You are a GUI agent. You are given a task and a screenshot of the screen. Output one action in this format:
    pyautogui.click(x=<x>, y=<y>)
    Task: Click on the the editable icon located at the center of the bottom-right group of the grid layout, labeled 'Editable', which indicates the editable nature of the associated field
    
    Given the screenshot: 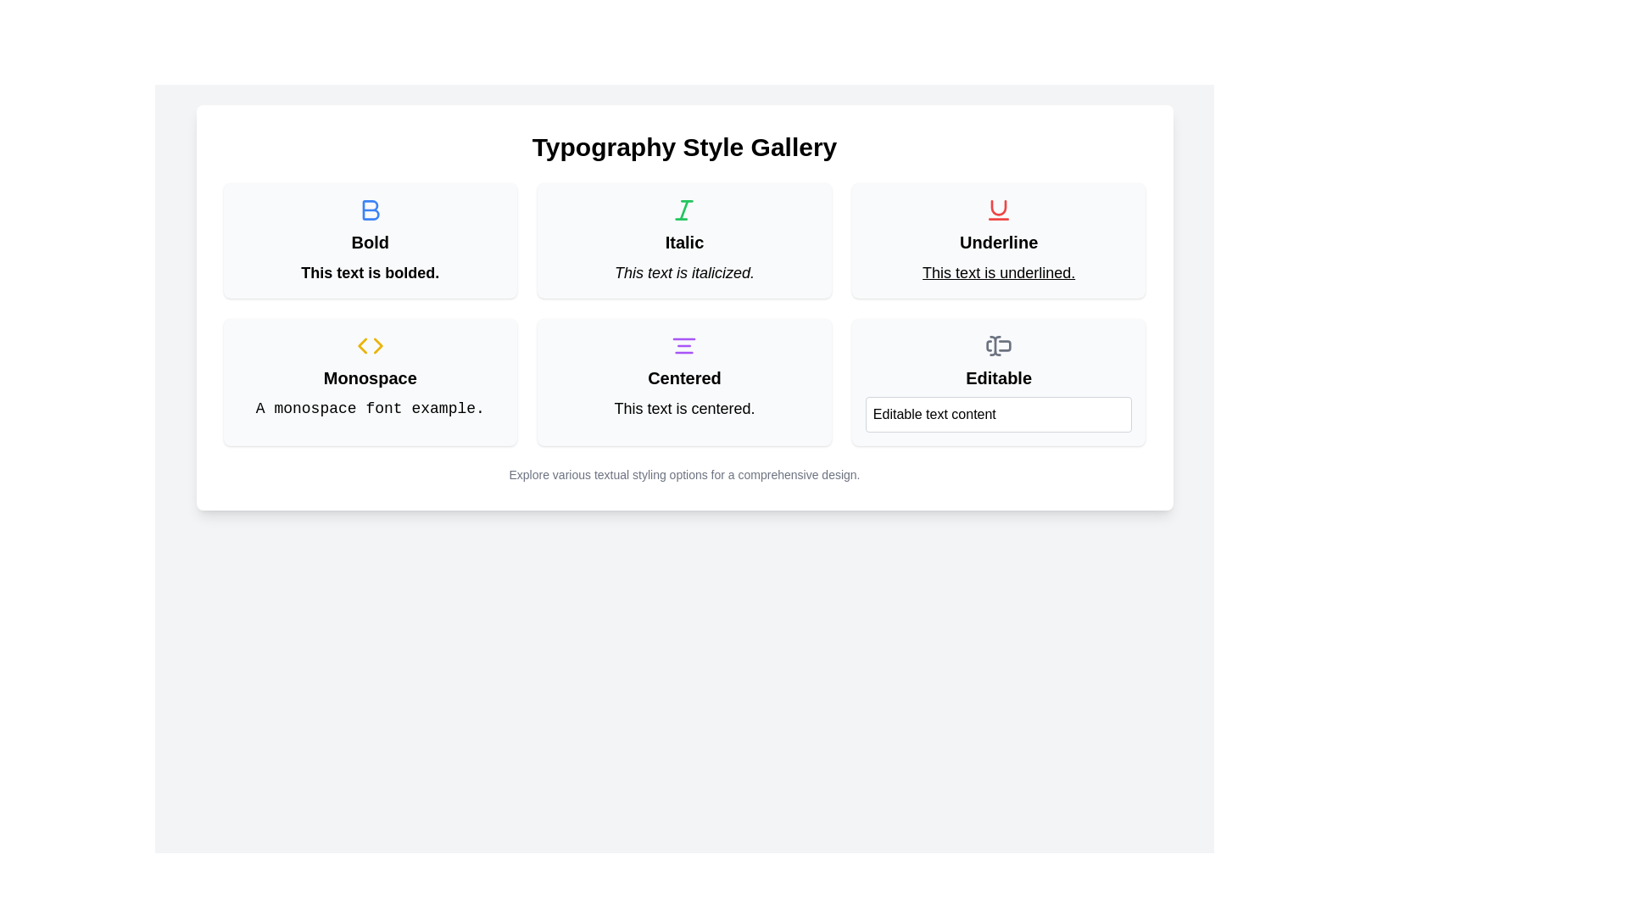 What is the action you would take?
    pyautogui.click(x=999, y=345)
    